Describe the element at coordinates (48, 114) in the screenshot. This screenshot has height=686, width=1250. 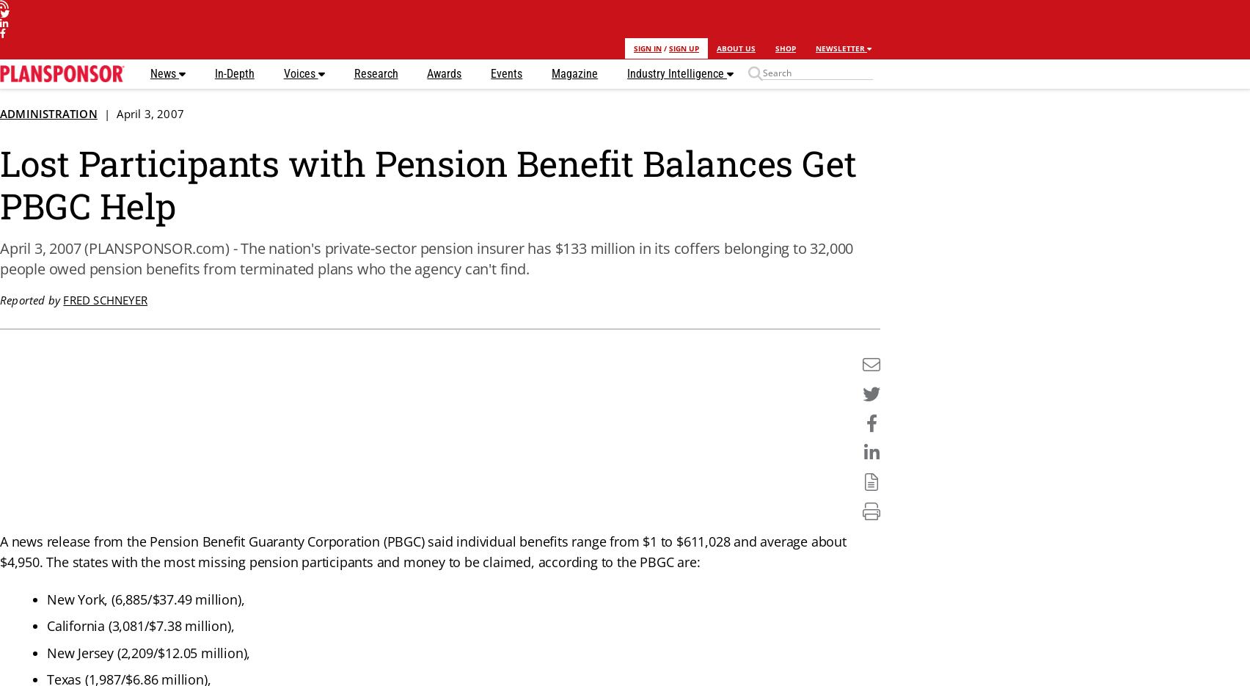
I see `'Administration'` at that location.